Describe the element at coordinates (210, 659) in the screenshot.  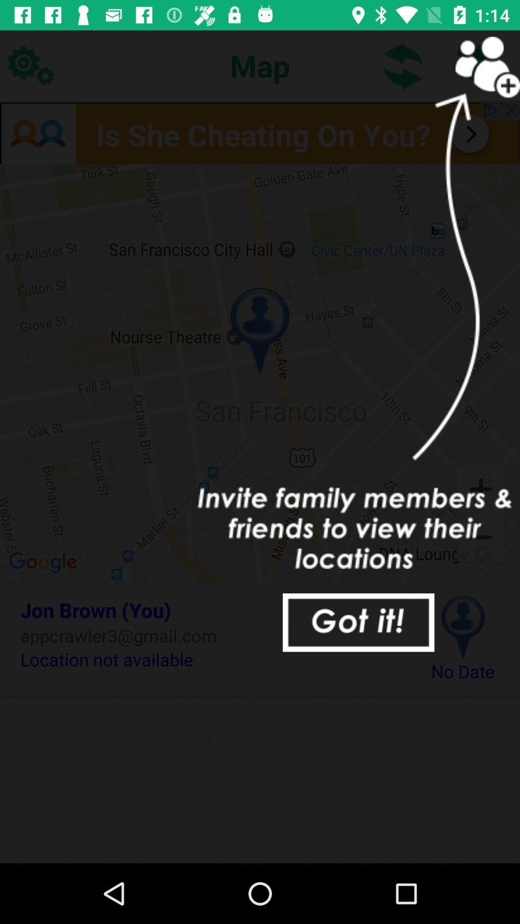
I see `the item below appcrawler3@gmail.com item` at that location.